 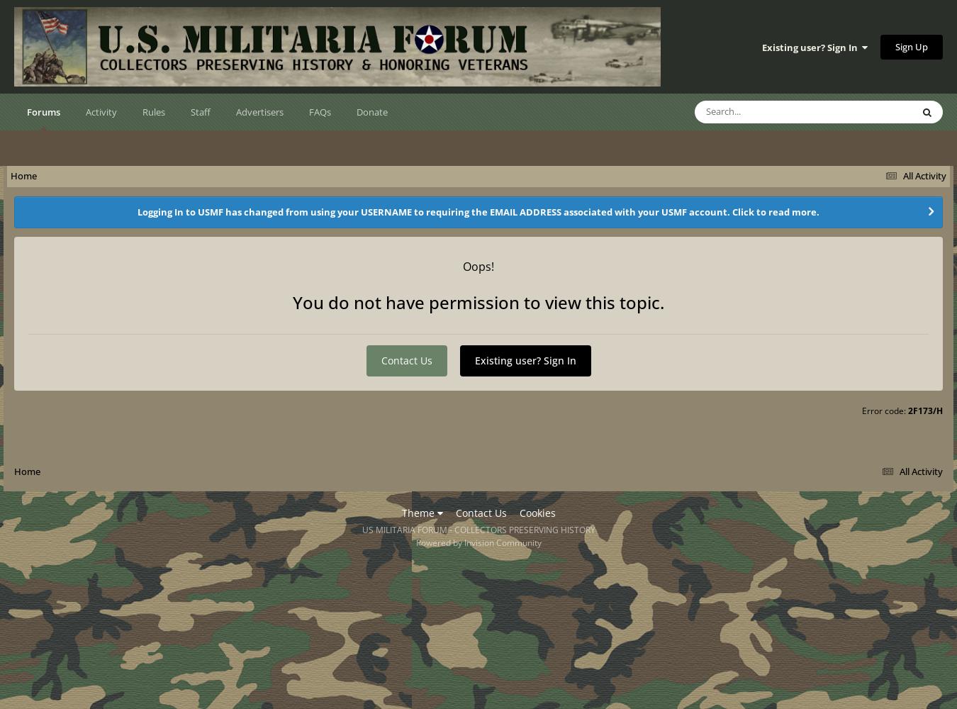 I want to click on 'Logging In to USMF has changed from using your USERNAME to requiring the EMAIL ADDRESS associated with your USMF account. Click to read more.', so click(x=478, y=211).